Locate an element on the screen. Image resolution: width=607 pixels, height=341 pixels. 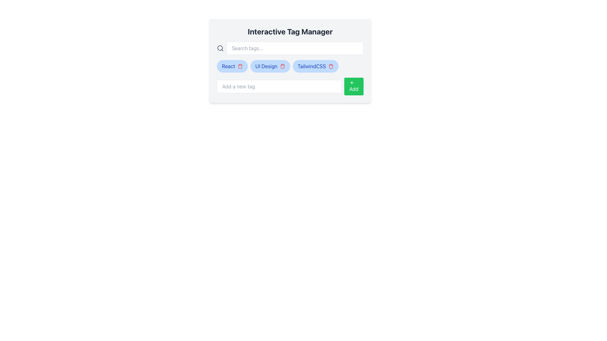
the search icon located to the left of the 'Search tags...' input field, which visually indicates the search functionality but does not have interactive capabilities is located at coordinates (220, 48).